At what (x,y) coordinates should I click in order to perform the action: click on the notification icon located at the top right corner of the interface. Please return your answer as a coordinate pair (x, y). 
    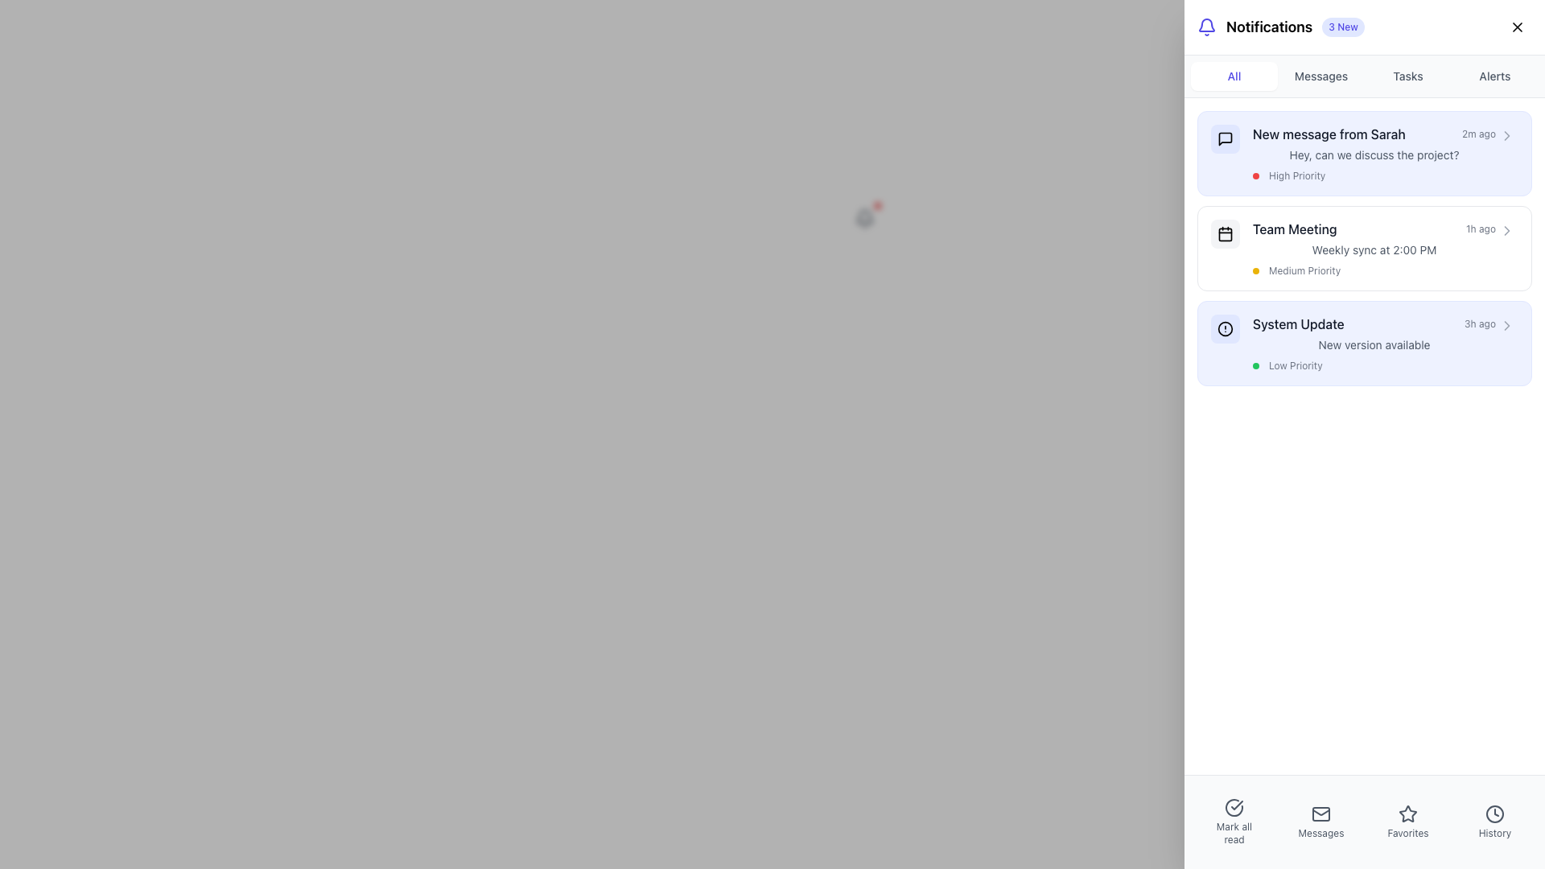
    Looking at the image, I should click on (1206, 27).